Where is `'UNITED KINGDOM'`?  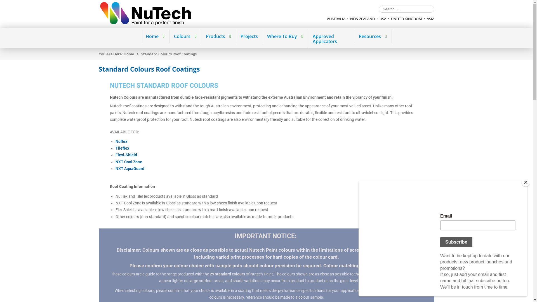
'UNITED KINGDOM' is located at coordinates (390, 18).